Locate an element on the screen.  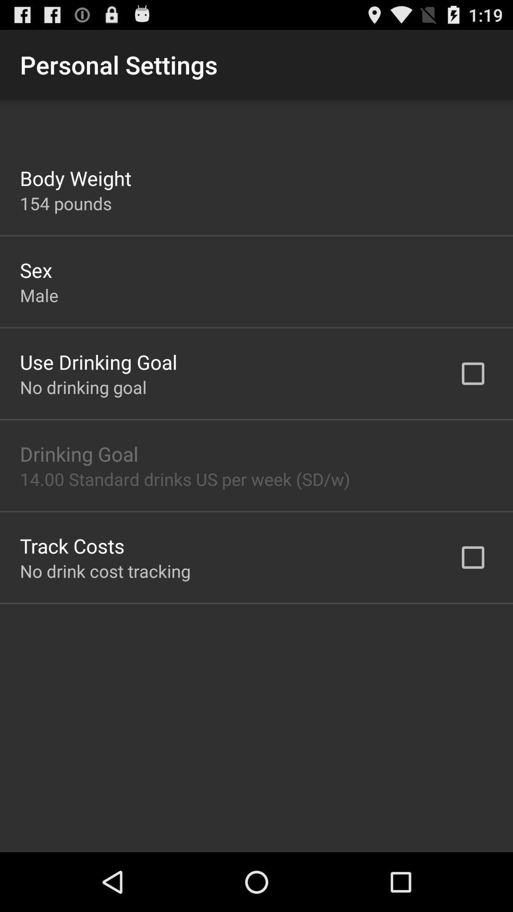
the icon at the center is located at coordinates (185, 479).